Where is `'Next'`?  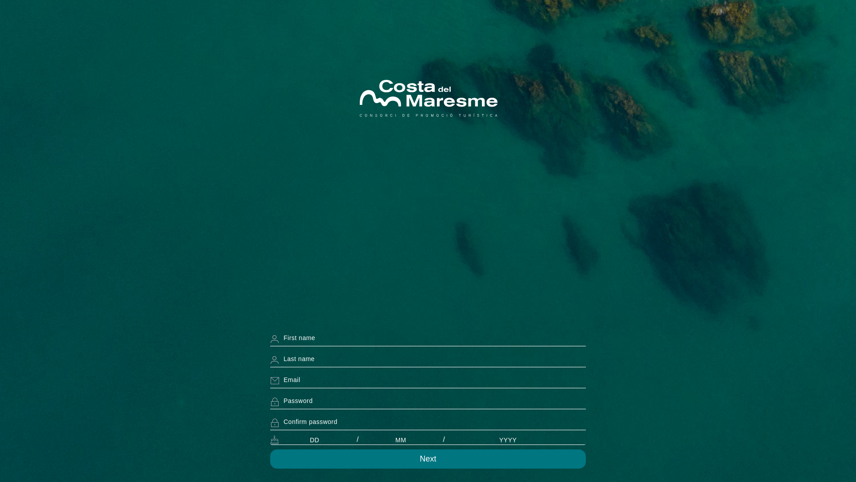
'Next' is located at coordinates (428, 459).